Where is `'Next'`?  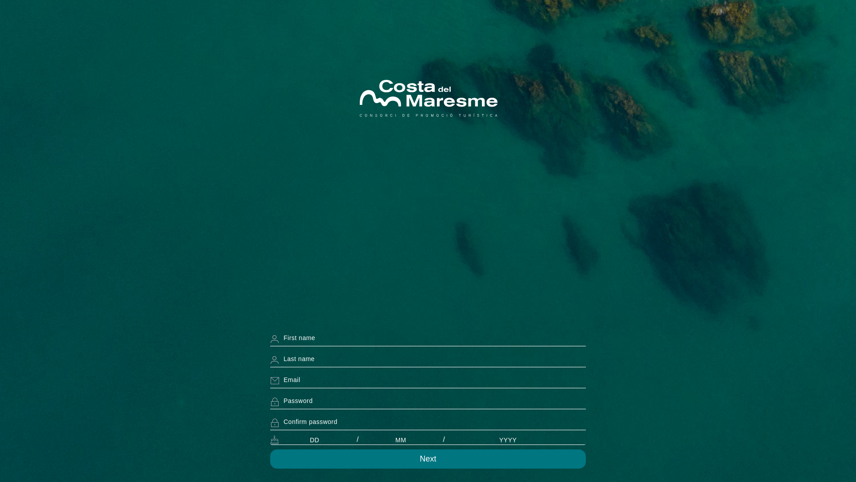
'Next' is located at coordinates (428, 459).